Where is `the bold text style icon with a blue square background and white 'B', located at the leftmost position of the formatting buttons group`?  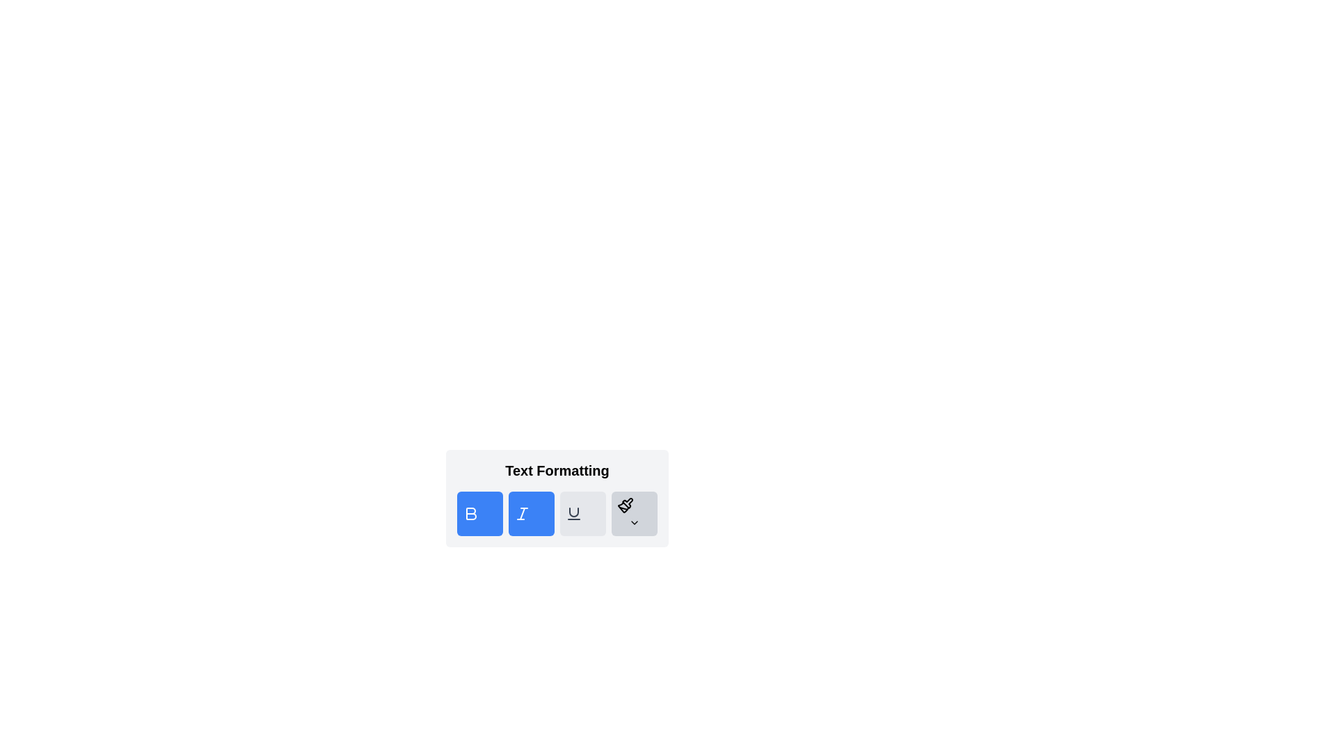 the bold text style icon with a blue square background and white 'B', located at the leftmost position of the formatting buttons group is located at coordinates (471, 514).